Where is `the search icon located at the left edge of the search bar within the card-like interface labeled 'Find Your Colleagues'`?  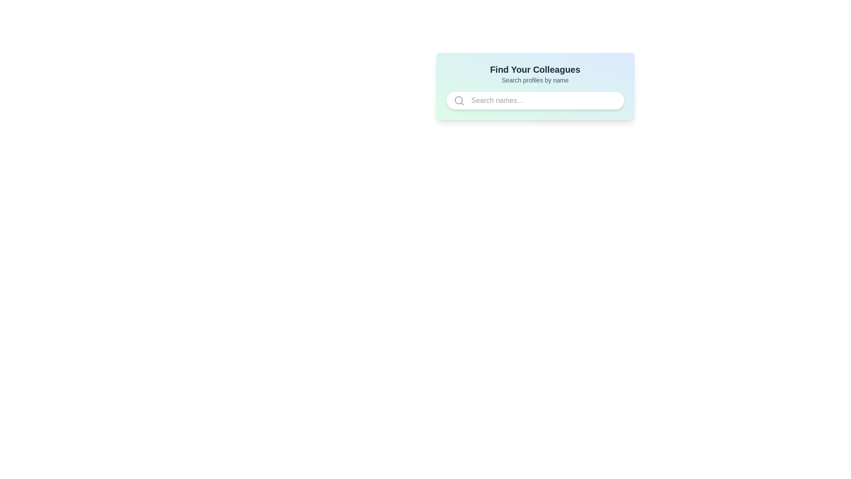 the search icon located at the left edge of the search bar within the card-like interface labeled 'Find Your Colleagues' is located at coordinates (459, 100).